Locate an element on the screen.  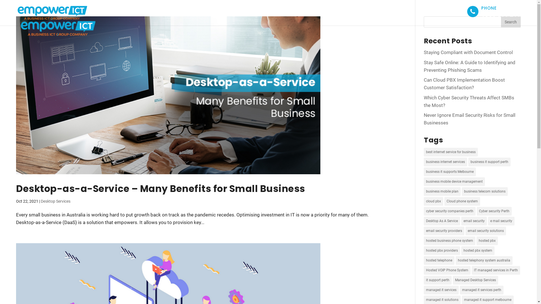
'Desktop As A Service' is located at coordinates (442, 221).